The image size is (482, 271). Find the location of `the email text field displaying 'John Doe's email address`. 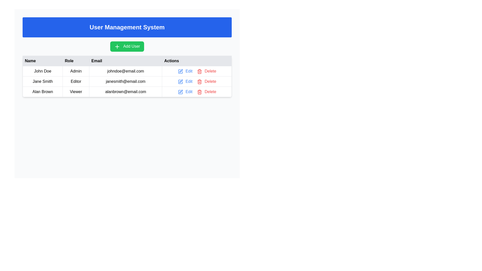

the email text field displaying 'John Doe's email address is located at coordinates (127, 69).